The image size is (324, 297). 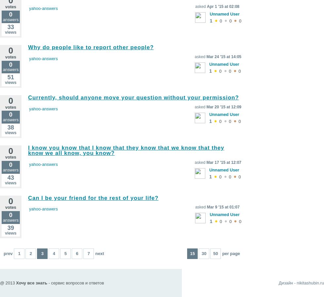 I want to click on '51', so click(x=7, y=77).